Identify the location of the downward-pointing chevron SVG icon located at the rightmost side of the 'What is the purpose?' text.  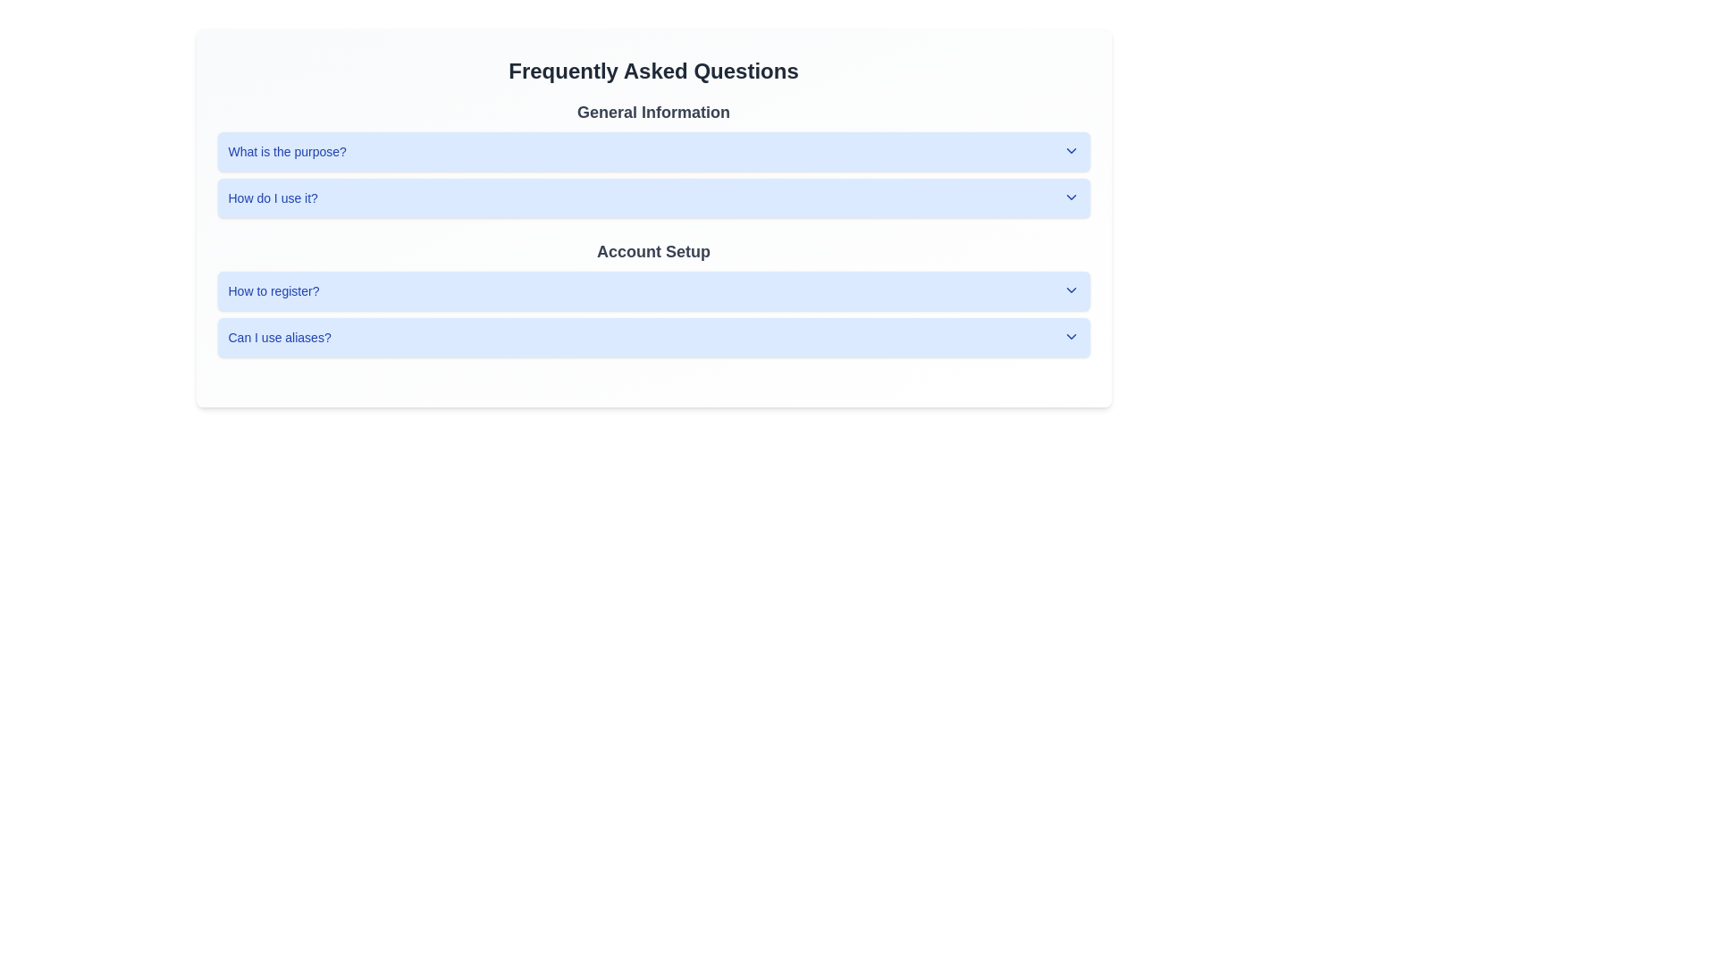
(1071, 150).